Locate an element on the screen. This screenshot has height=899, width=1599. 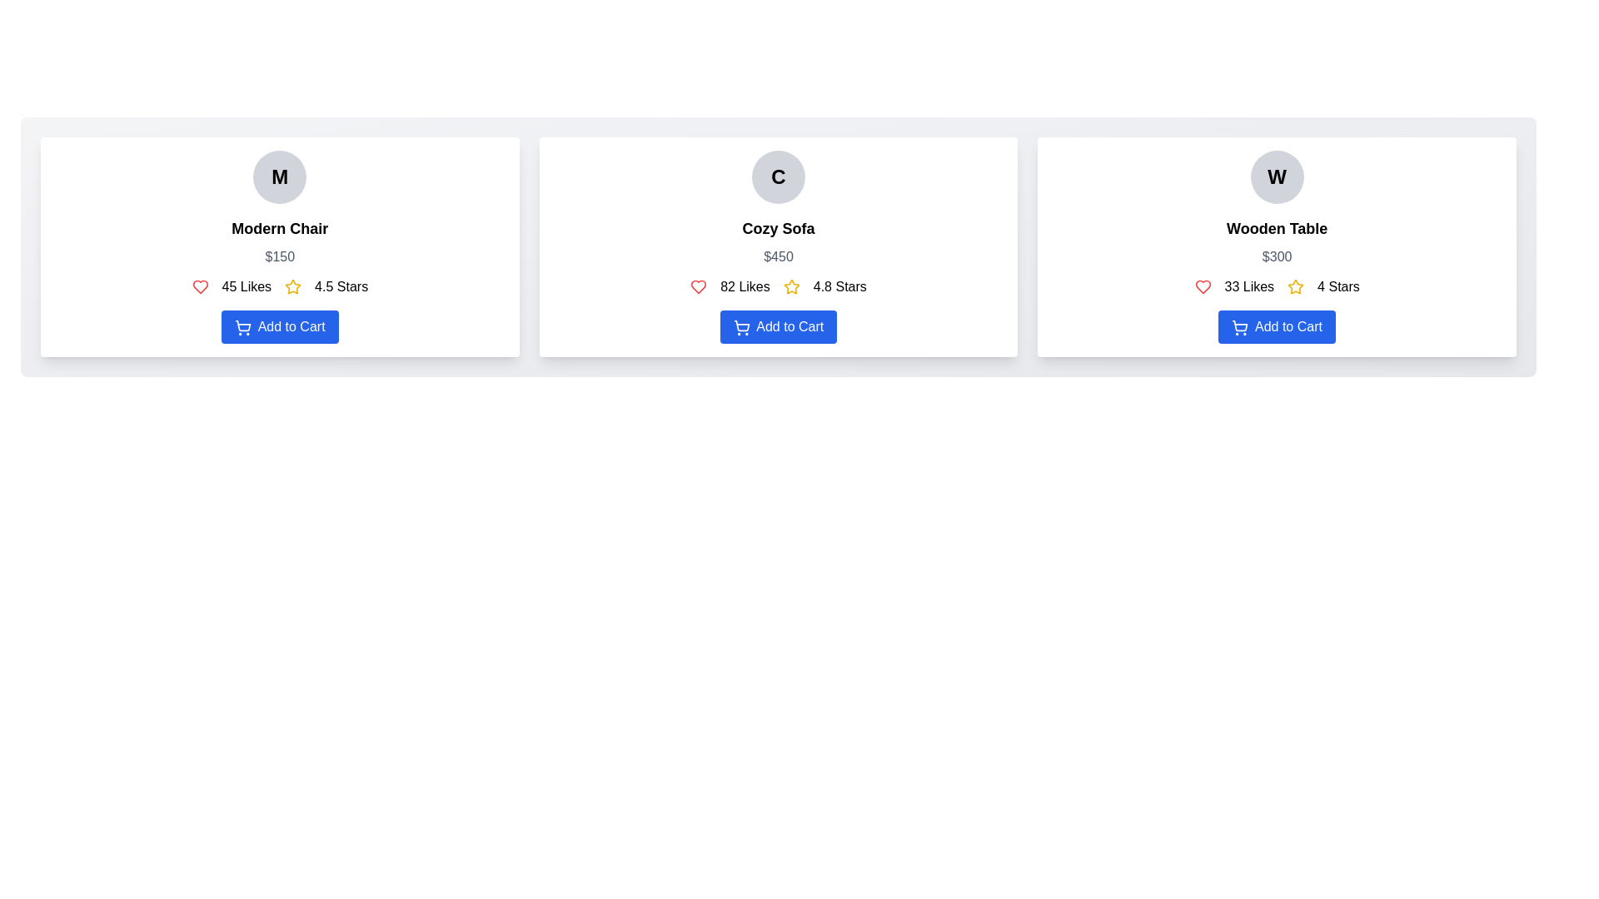
the shopping cart icon located to the left of the 'Add to Cart' button text in the third card labeled 'Wooden Table.' is located at coordinates (1240, 327).